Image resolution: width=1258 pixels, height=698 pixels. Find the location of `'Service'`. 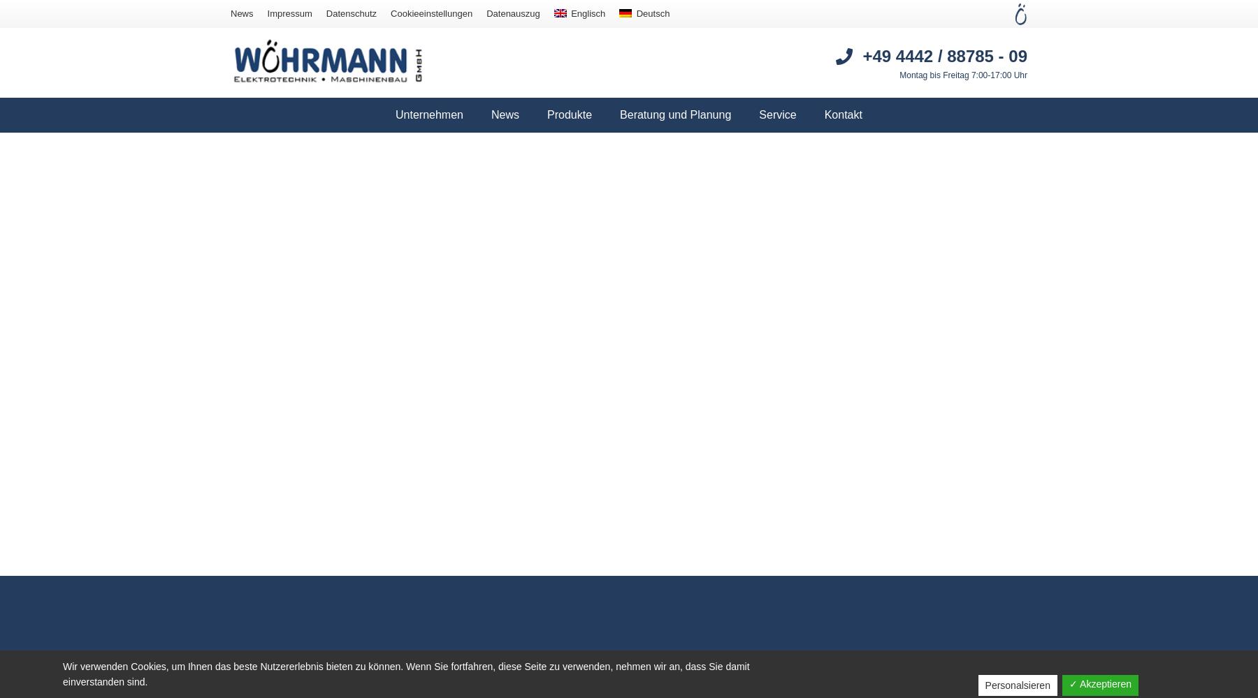

'Service' is located at coordinates (777, 114).